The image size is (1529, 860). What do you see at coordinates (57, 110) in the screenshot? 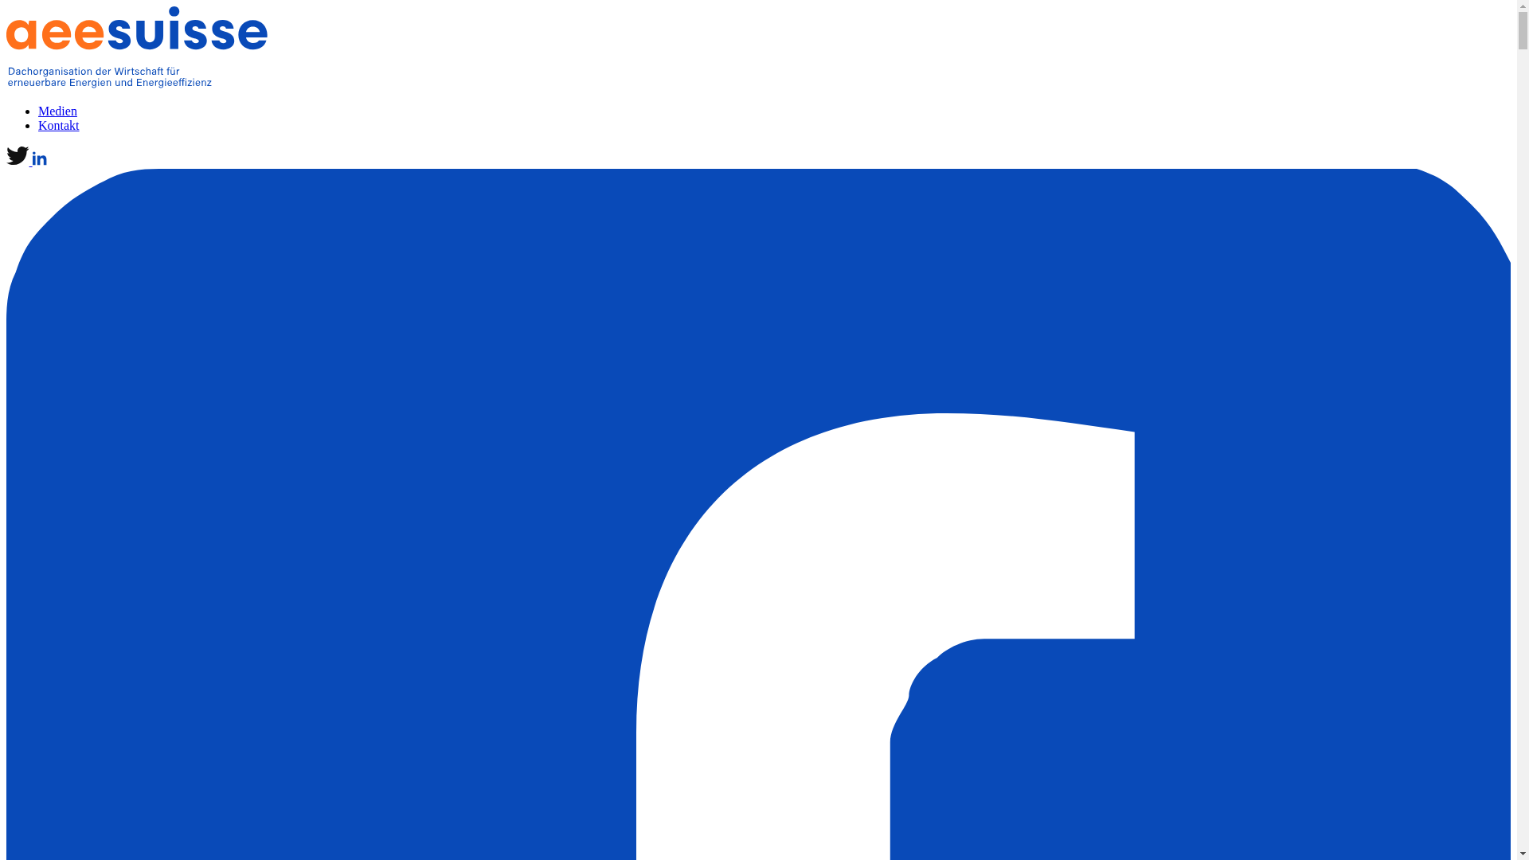
I see `'Medien'` at bounding box center [57, 110].